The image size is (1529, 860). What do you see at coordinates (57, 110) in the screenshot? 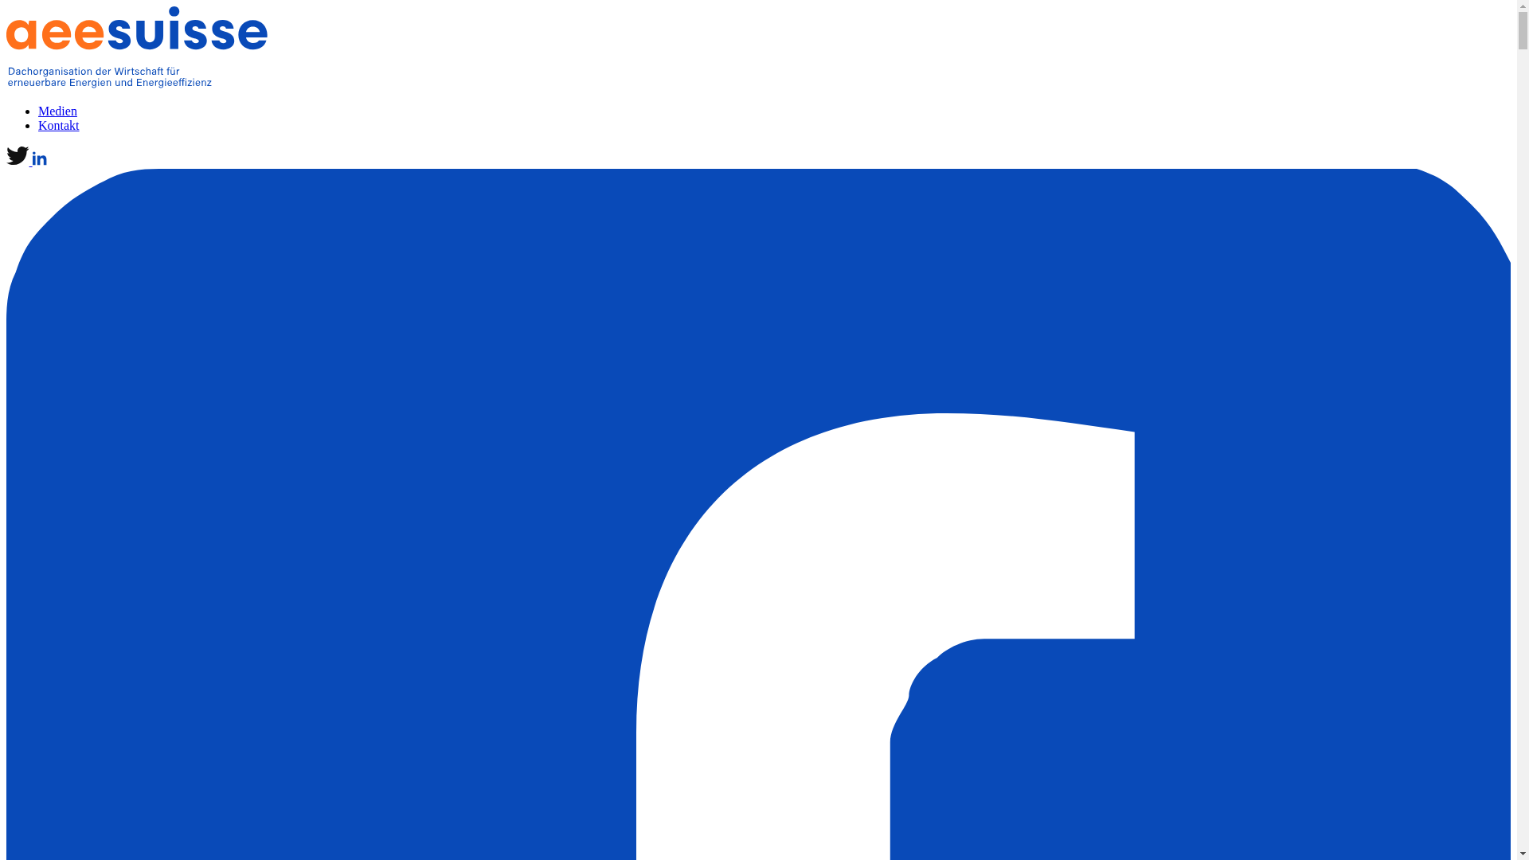
I see `'Medien'` at bounding box center [57, 110].